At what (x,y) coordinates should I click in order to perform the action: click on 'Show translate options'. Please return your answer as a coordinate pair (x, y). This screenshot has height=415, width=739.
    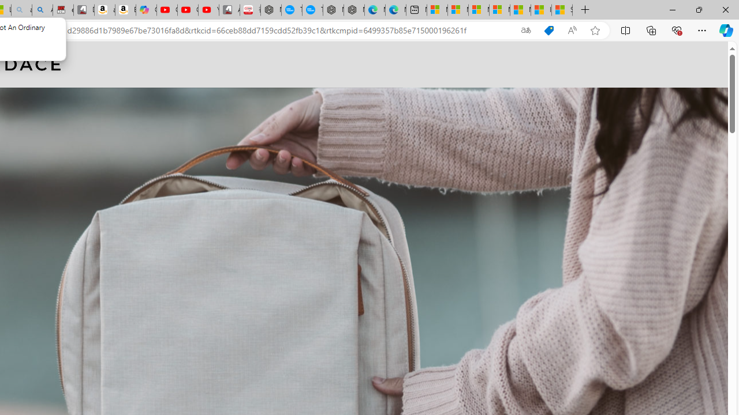
    Looking at the image, I should click on (525, 30).